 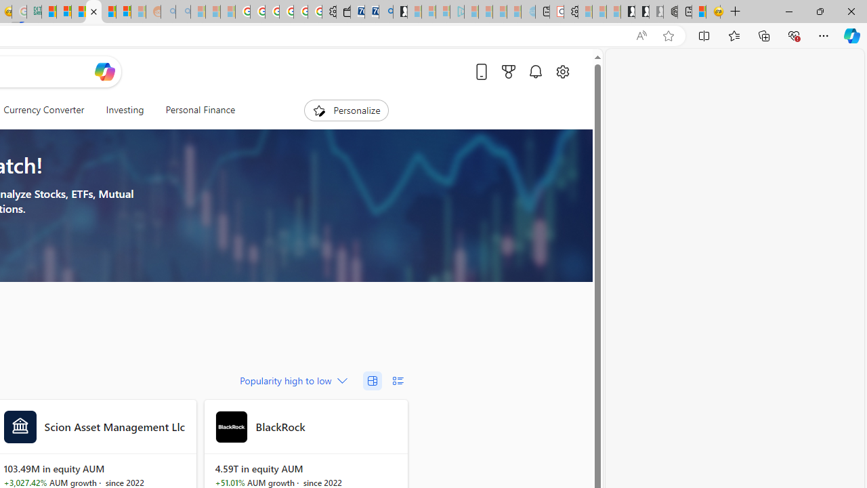 What do you see at coordinates (372, 380) in the screenshot?
I see `'Card View'` at bounding box center [372, 380].